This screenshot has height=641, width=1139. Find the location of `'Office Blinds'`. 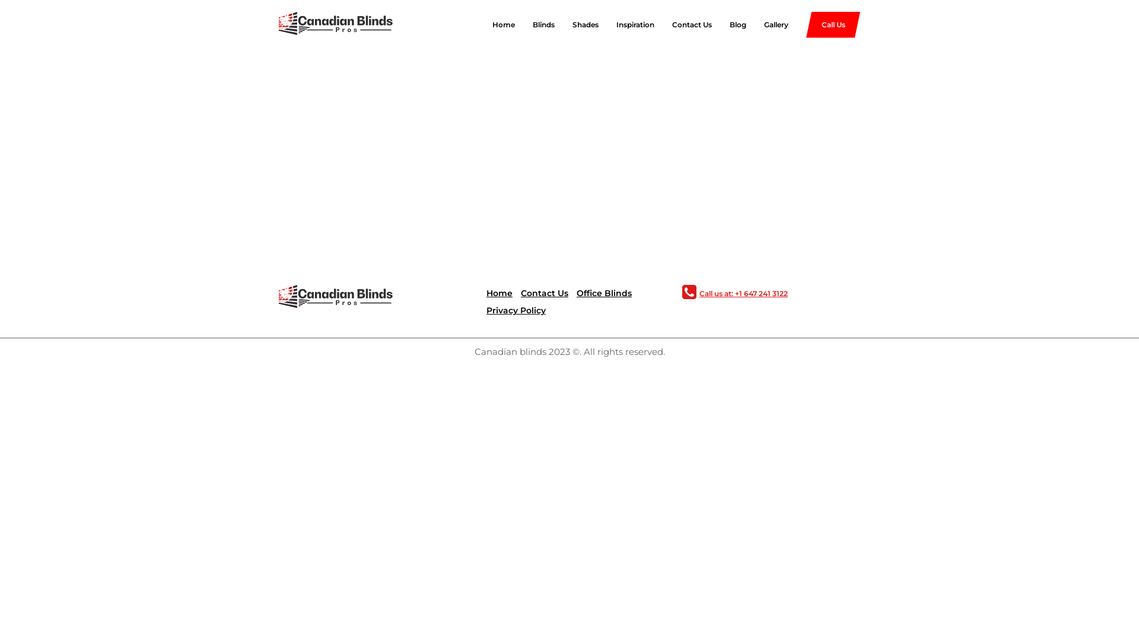

'Office Blinds' is located at coordinates (576, 293).